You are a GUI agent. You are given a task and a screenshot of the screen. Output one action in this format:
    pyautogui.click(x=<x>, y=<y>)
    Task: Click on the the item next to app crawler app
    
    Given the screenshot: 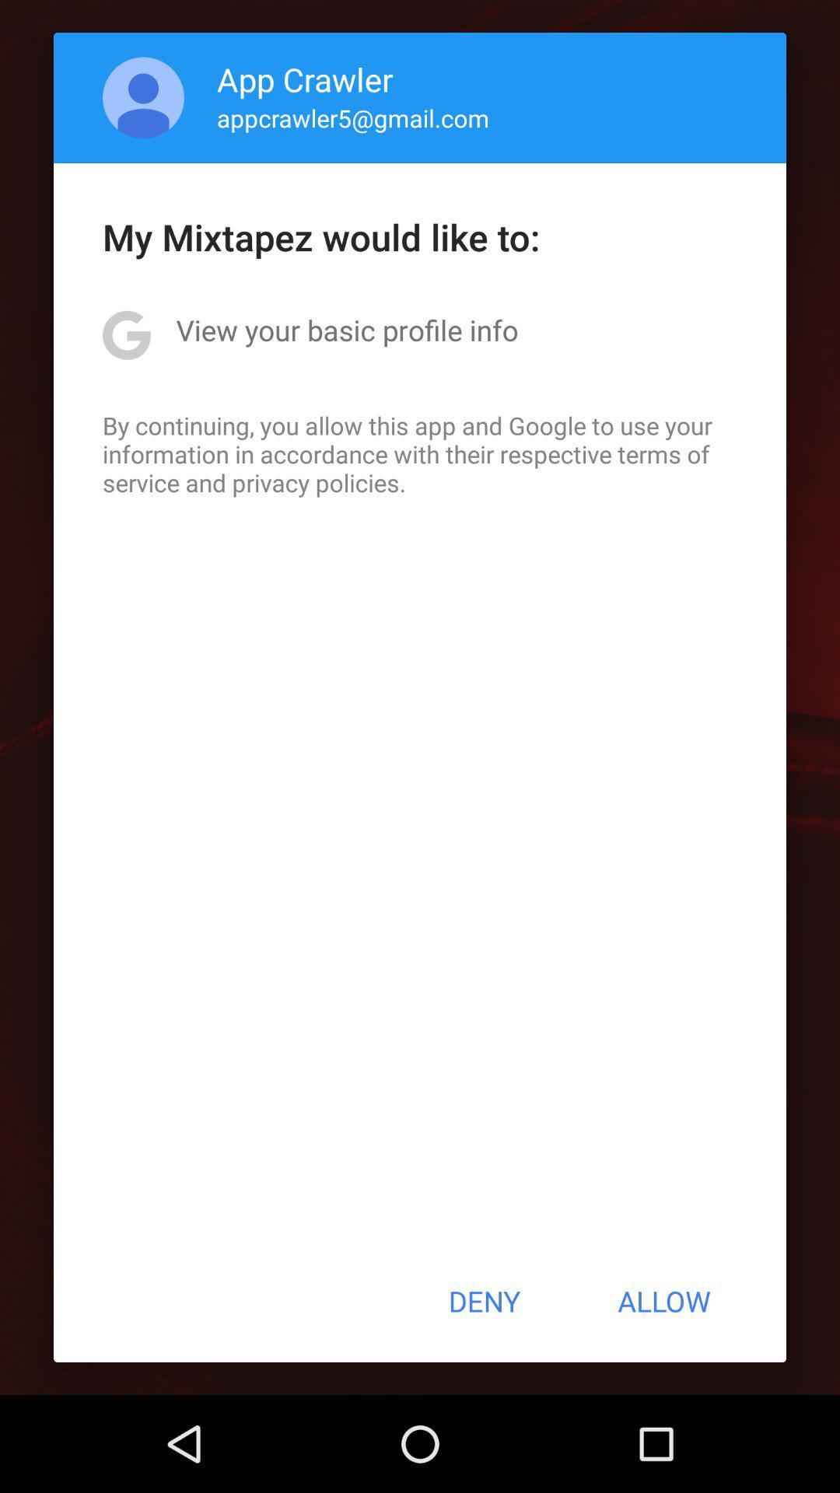 What is the action you would take?
    pyautogui.click(x=143, y=96)
    